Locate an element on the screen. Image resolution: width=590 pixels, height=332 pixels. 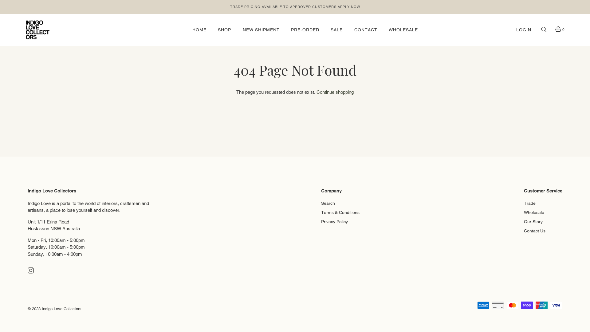
'Terms & Conditions' is located at coordinates (340, 211).